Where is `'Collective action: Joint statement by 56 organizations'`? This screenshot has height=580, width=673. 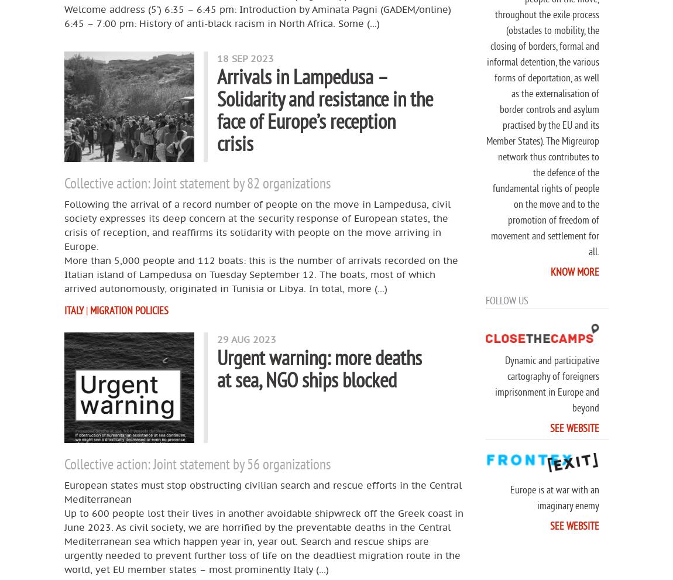 'Collective action: Joint statement by 56 organizations' is located at coordinates (64, 464).